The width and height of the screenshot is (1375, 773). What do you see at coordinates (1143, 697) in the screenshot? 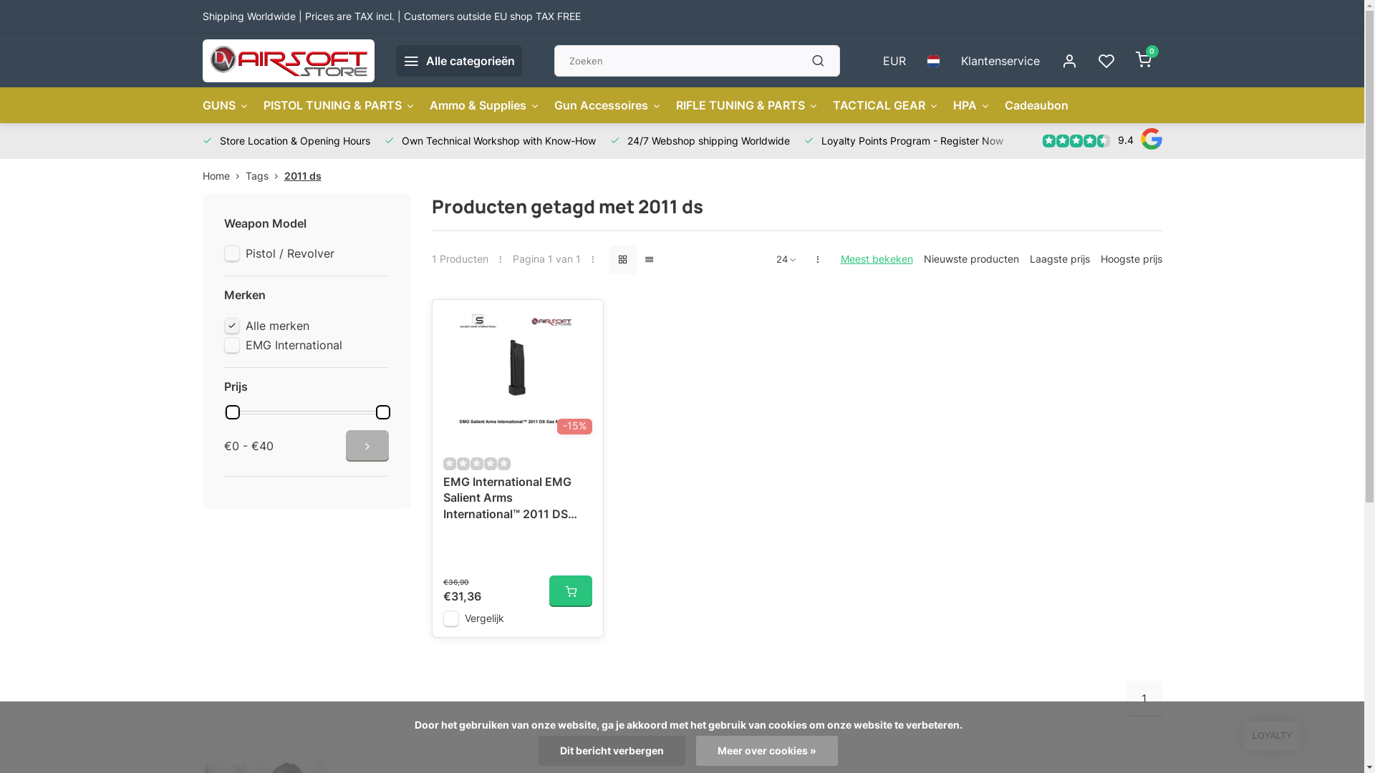
I see `'1'` at bounding box center [1143, 697].